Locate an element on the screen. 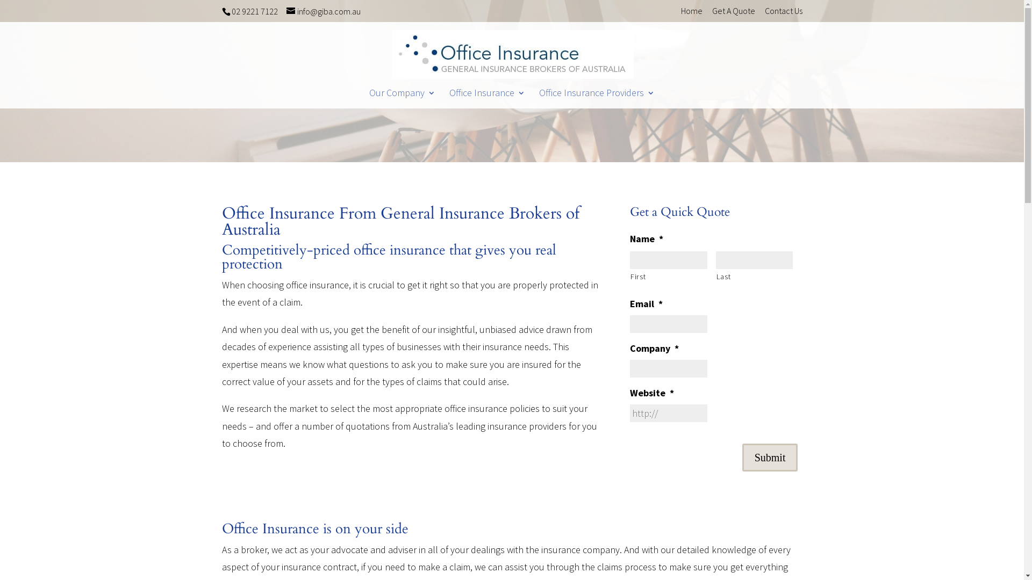 The height and width of the screenshot is (580, 1032). 'Our Company' is located at coordinates (402, 99).